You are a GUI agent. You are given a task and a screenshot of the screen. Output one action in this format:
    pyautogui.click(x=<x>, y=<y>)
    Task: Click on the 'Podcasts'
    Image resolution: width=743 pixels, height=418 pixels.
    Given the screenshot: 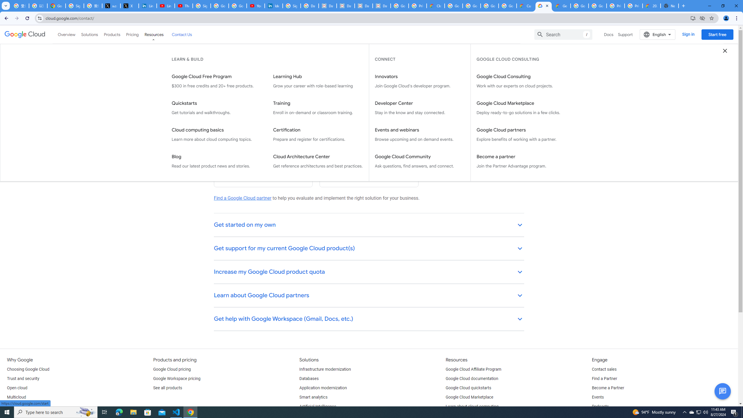 What is the action you would take?
    pyautogui.click(x=600, y=407)
    